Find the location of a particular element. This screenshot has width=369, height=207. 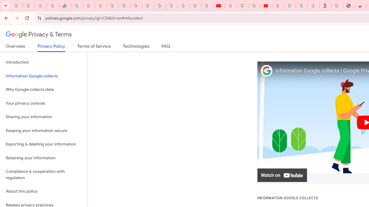

'Compliance & cooperation with regulators' is located at coordinates (44, 175).